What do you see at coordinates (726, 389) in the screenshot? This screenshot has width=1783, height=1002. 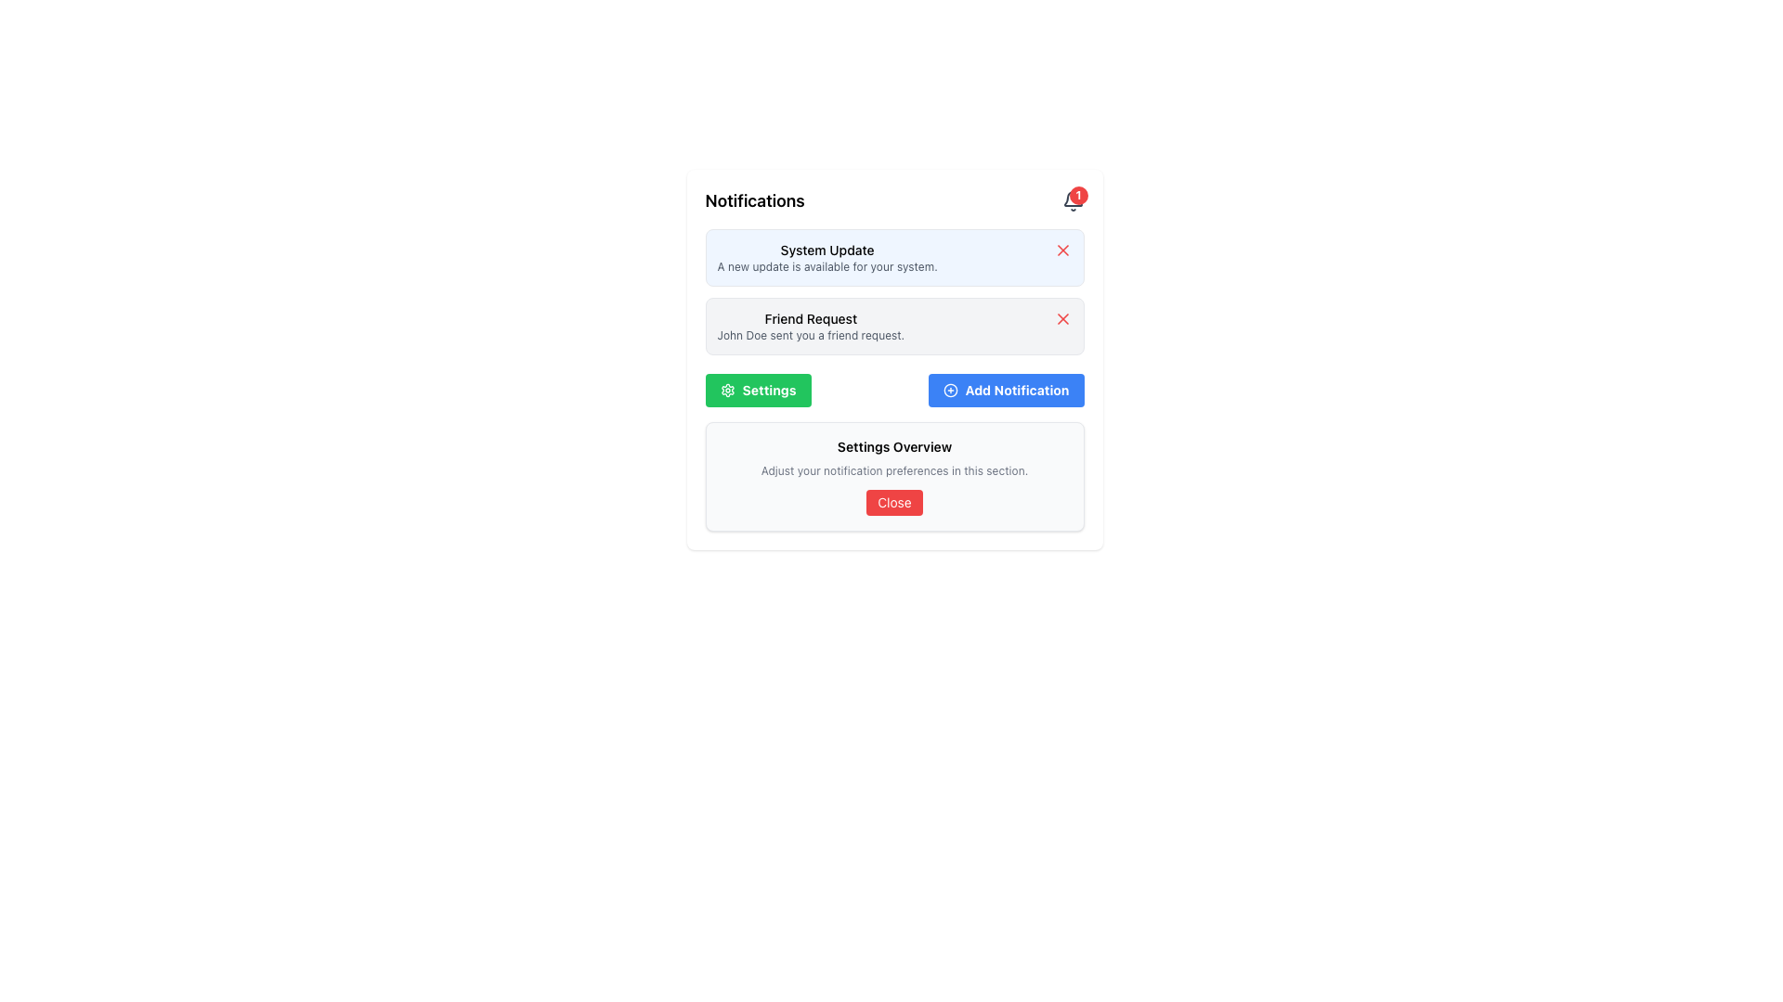 I see `the gear icon located near the bottom-left corner of the 'Notifications' dialog box` at bounding box center [726, 389].